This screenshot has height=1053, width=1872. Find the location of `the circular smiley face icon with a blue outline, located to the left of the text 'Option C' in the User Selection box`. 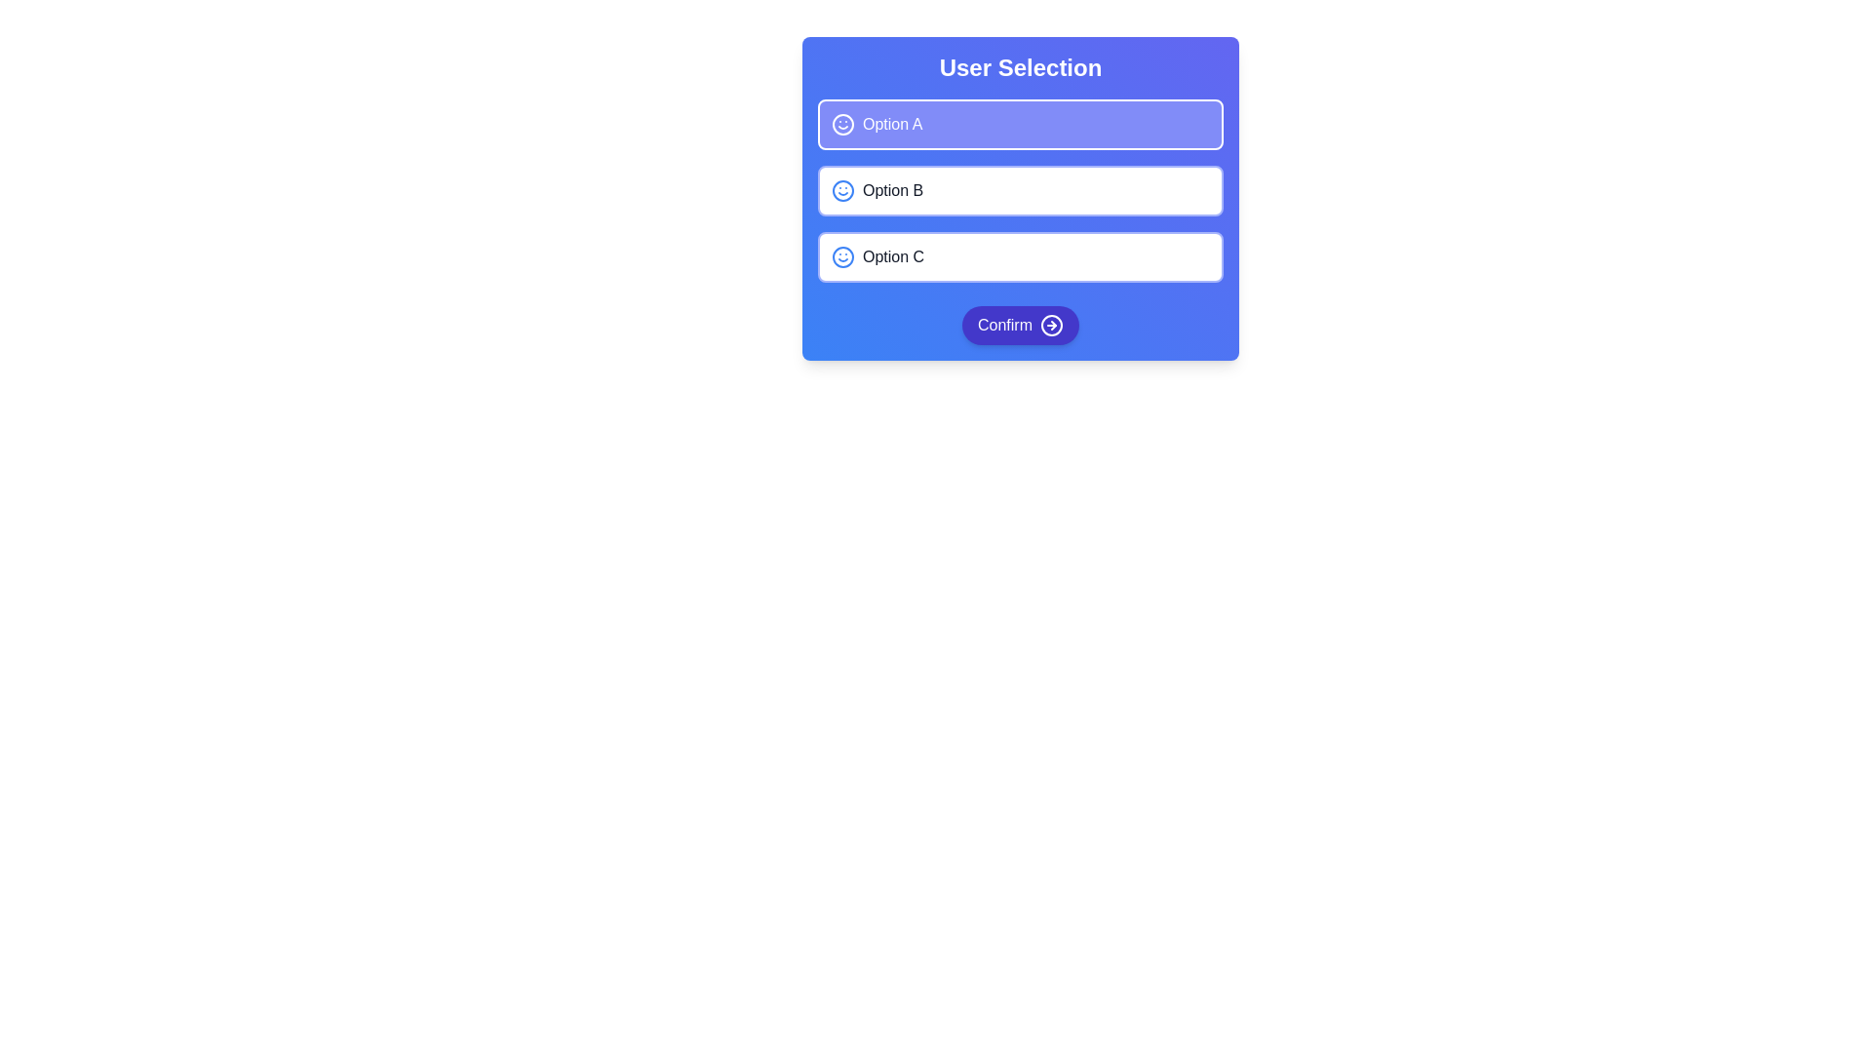

the circular smiley face icon with a blue outline, located to the left of the text 'Option C' in the User Selection box is located at coordinates (842, 255).